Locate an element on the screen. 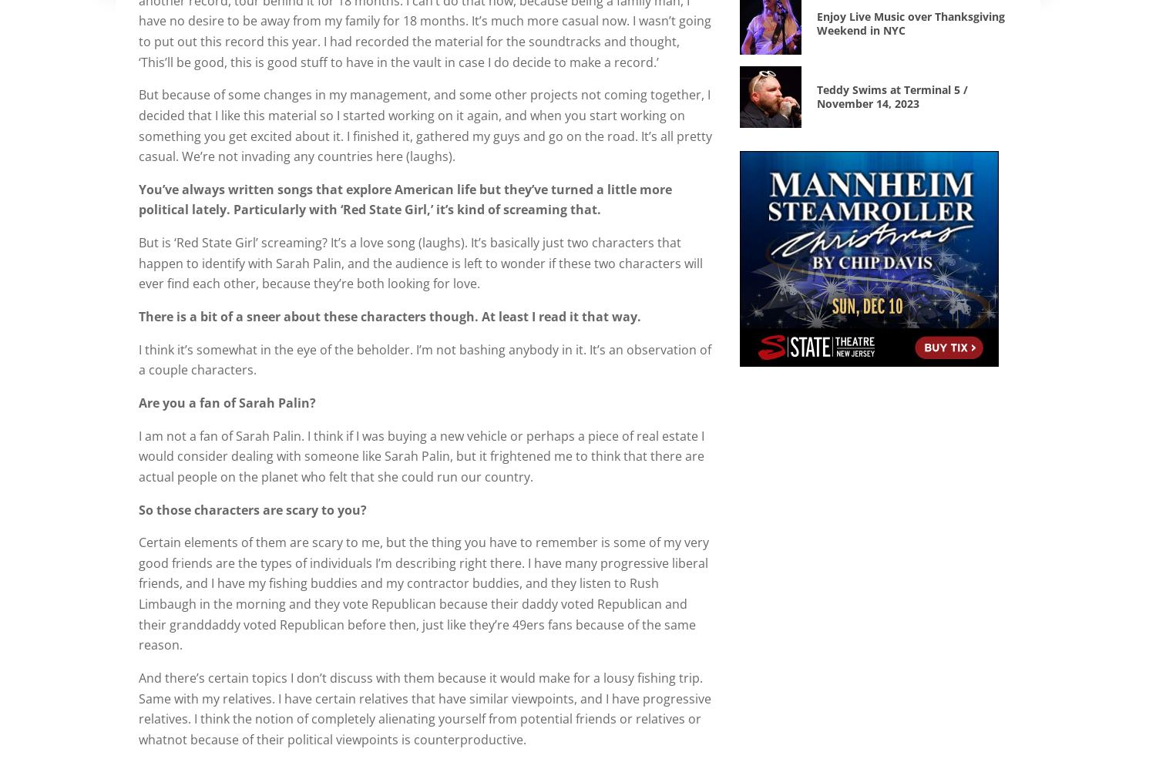 This screenshot has width=1156, height=779. 'Are you a fan of Sarah Palin?' is located at coordinates (139, 401).